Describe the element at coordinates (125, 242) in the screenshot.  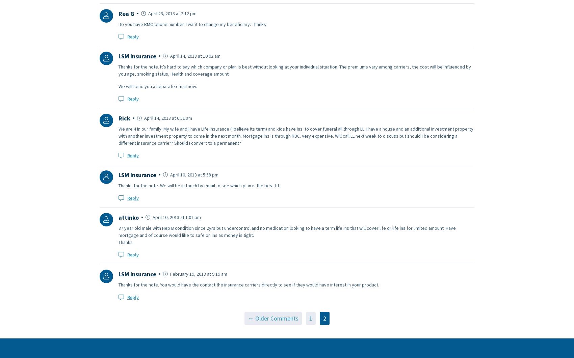
I see `'Thanks'` at that location.